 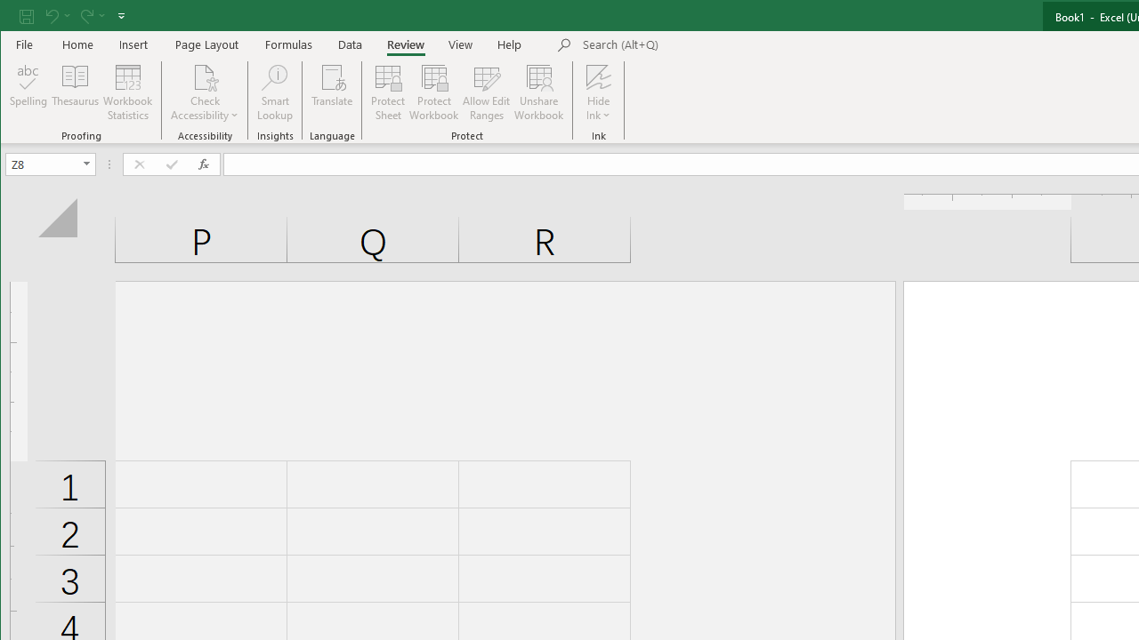 I want to click on 'Allow Edit Ranges', so click(x=487, y=92).